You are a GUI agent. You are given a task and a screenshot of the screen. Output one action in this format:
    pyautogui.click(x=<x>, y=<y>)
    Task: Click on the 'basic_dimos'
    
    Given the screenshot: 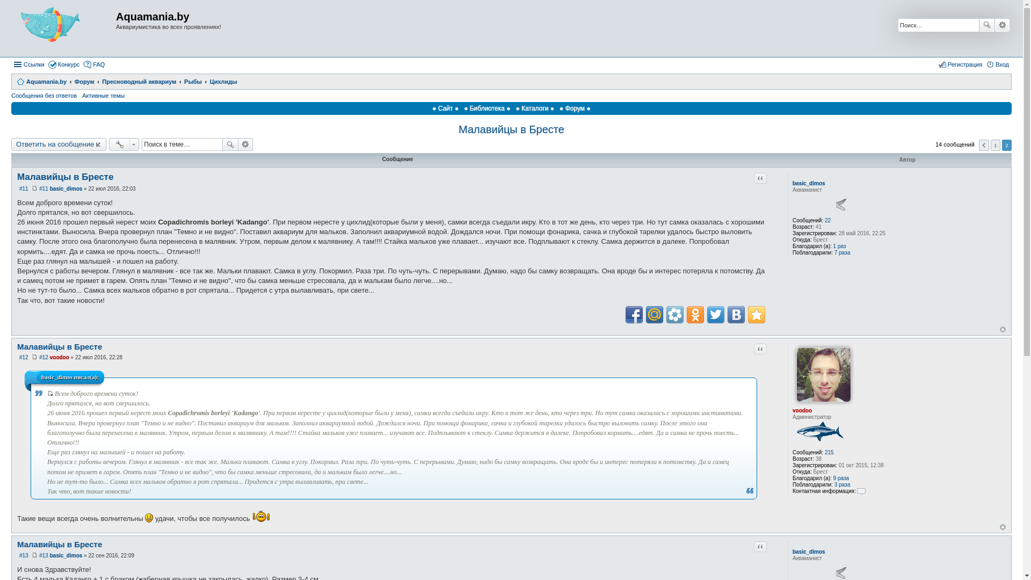 What is the action you would take?
    pyautogui.click(x=66, y=188)
    